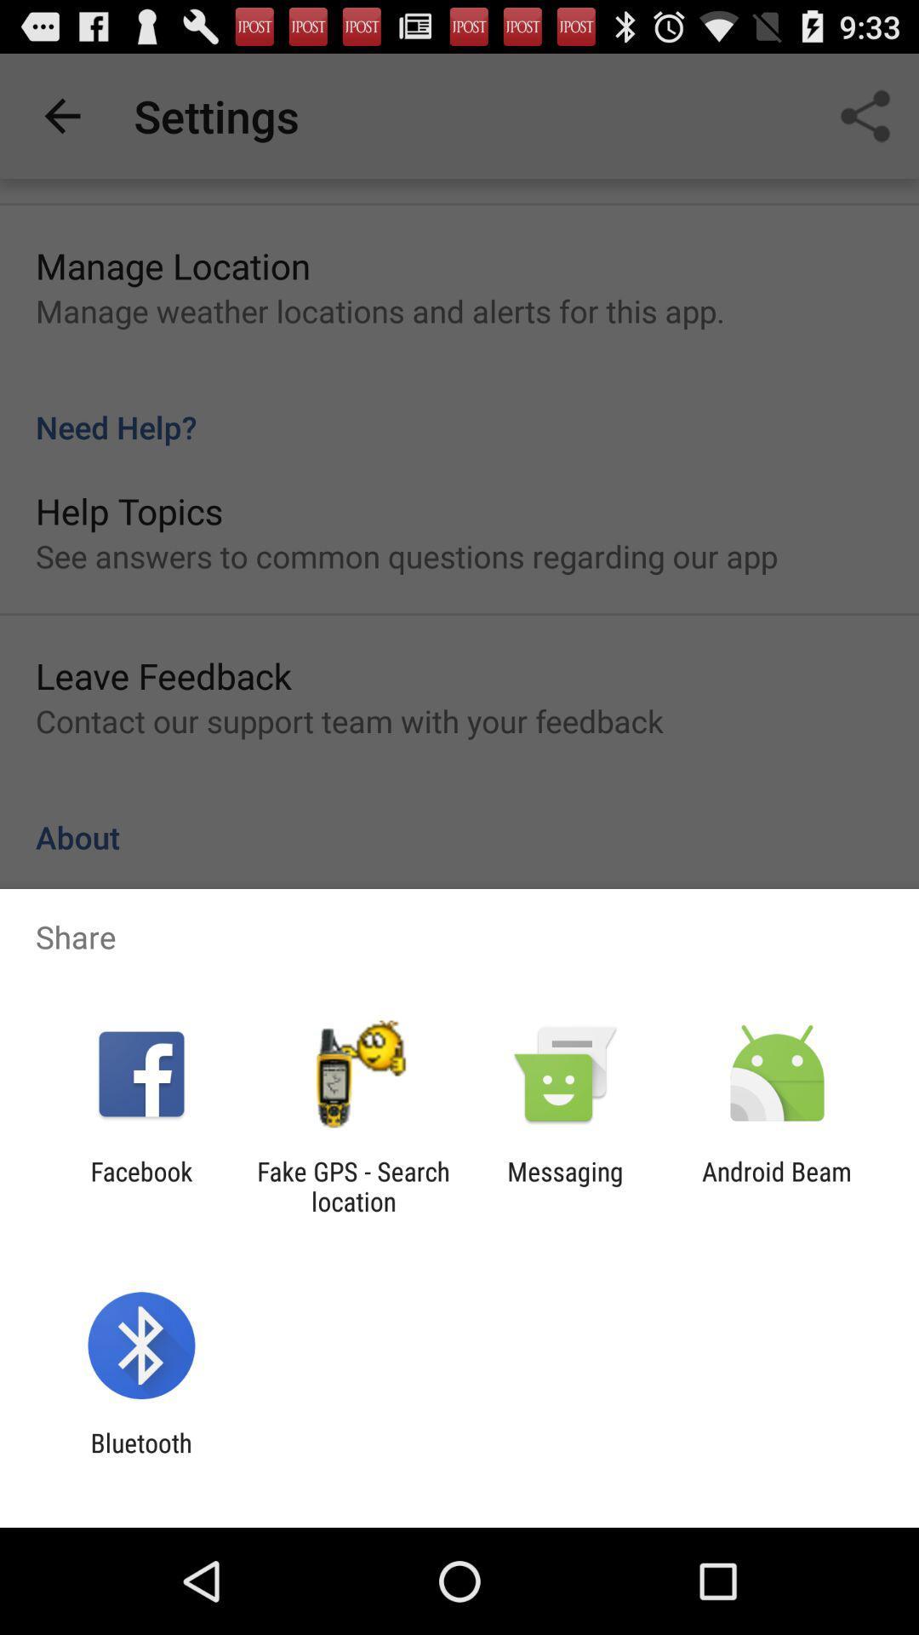  What do you see at coordinates (352, 1185) in the screenshot?
I see `app to the left of the messaging item` at bounding box center [352, 1185].